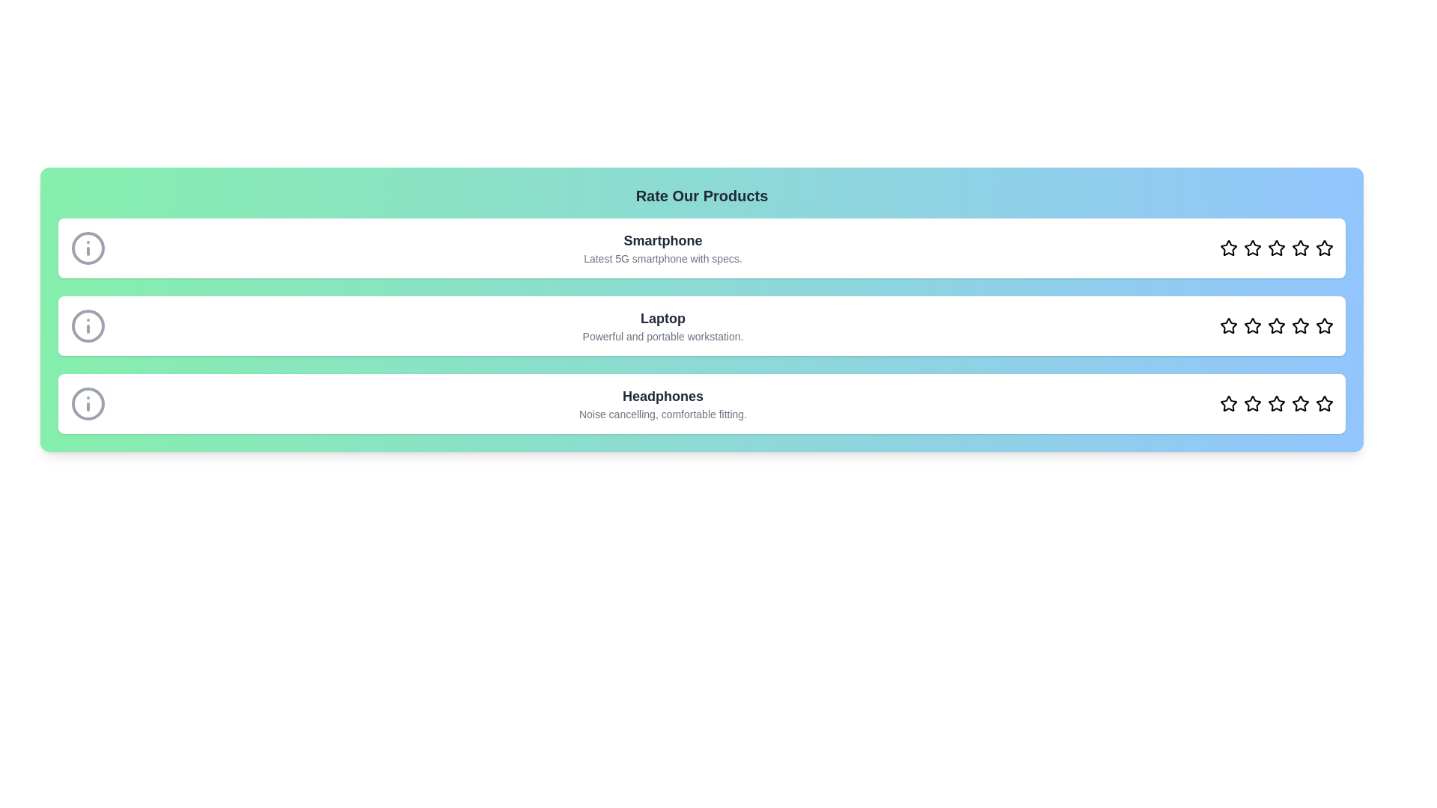 The height and width of the screenshot is (808, 1437). I want to click on the second star in the rating section for the 'Laptop' product to enable accessibility navigation, so click(1253, 247).